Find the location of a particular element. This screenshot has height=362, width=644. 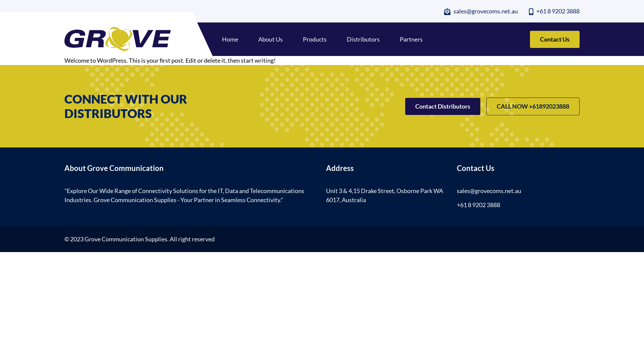

'+61 8 9202 3888' is located at coordinates (554, 11).